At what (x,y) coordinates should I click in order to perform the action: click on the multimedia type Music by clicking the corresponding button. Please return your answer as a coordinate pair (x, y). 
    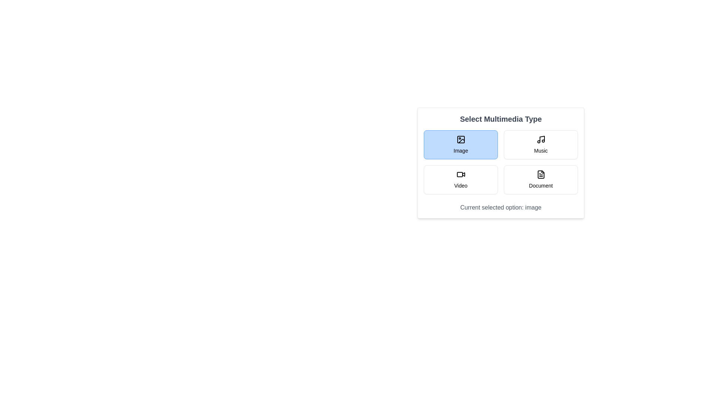
    Looking at the image, I should click on (541, 145).